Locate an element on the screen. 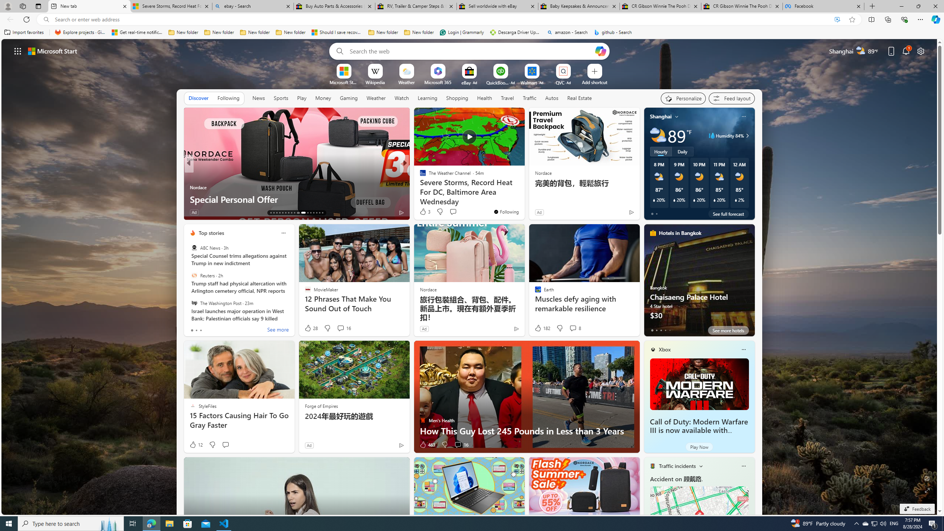 The height and width of the screenshot is (531, 944). 'Start the conversation' is located at coordinates (225, 445).